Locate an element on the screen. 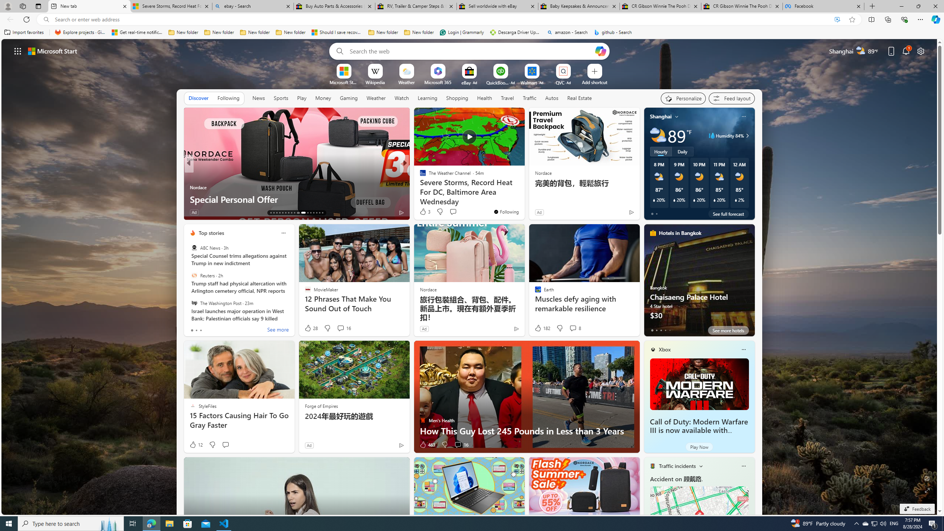 The height and width of the screenshot is (531, 944). 'Start the conversation' is located at coordinates (225, 445).